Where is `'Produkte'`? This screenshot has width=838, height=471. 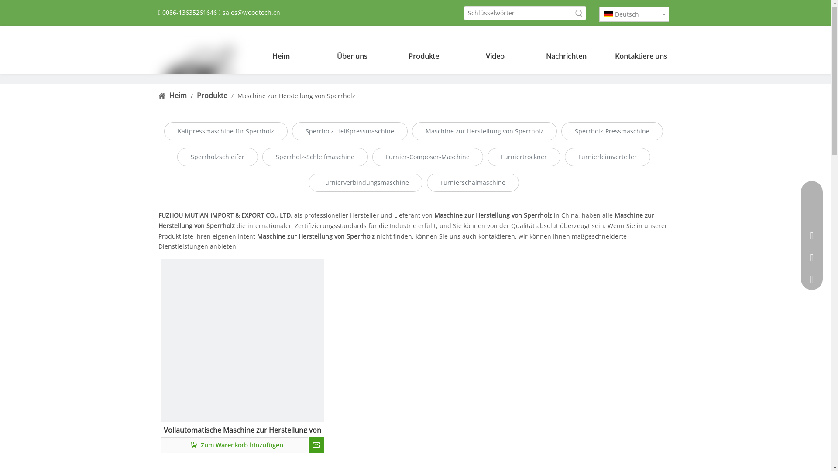 'Produkte' is located at coordinates (212, 96).